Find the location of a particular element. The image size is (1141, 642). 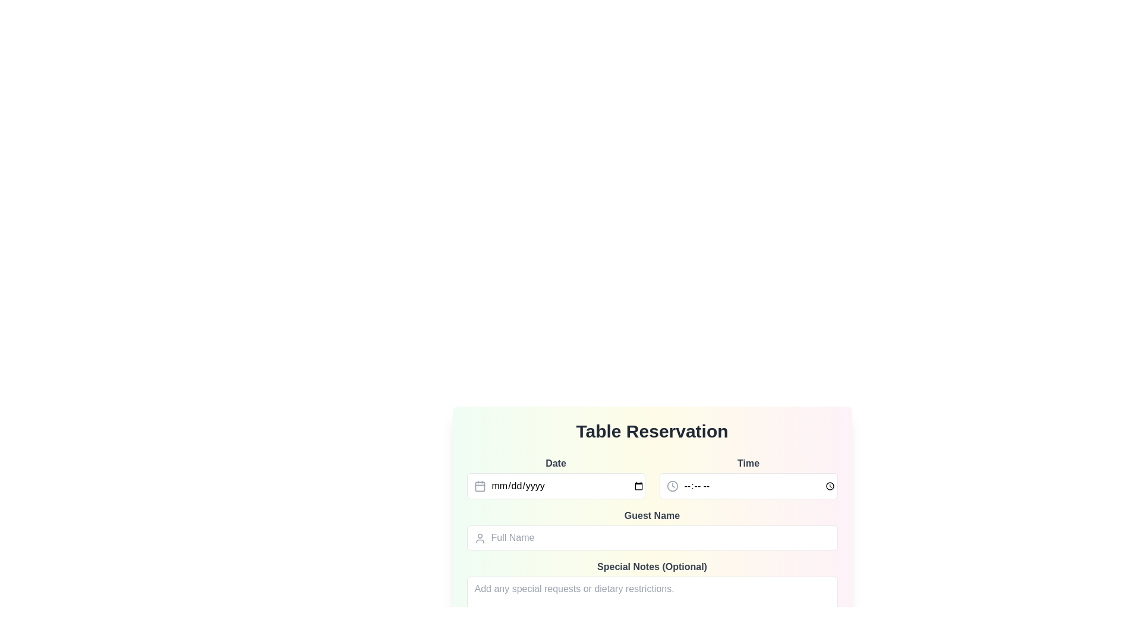

the Date input field to focus it for date entry is located at coordinates (555, 477).